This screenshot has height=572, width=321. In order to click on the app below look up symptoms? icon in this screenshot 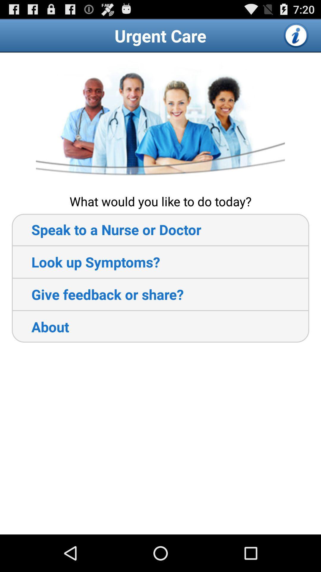, I will do `click(97, 294)`.